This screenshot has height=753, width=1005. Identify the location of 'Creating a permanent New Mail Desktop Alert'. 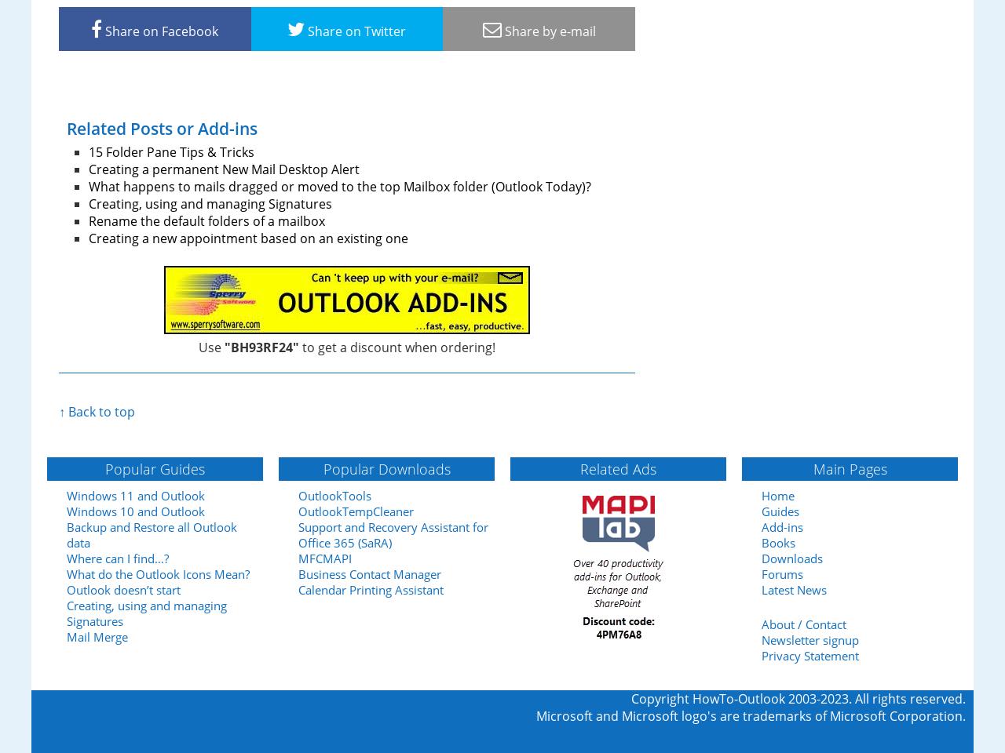
(223, 169).